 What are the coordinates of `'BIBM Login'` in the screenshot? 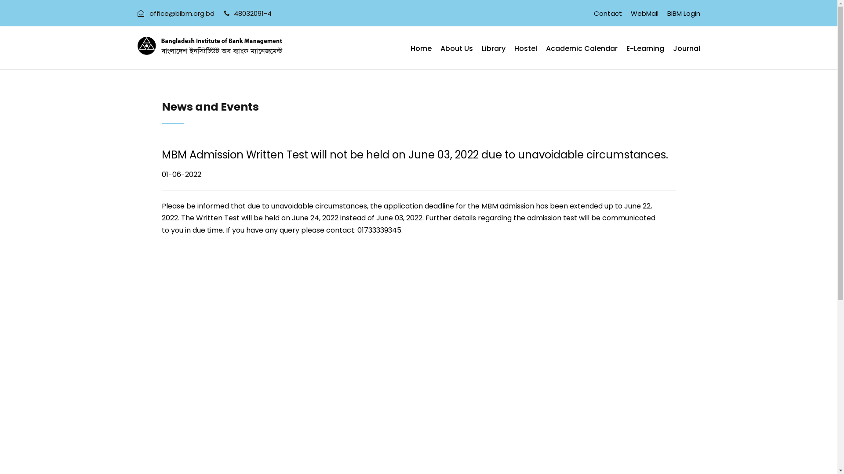 It's located at (683, 17).